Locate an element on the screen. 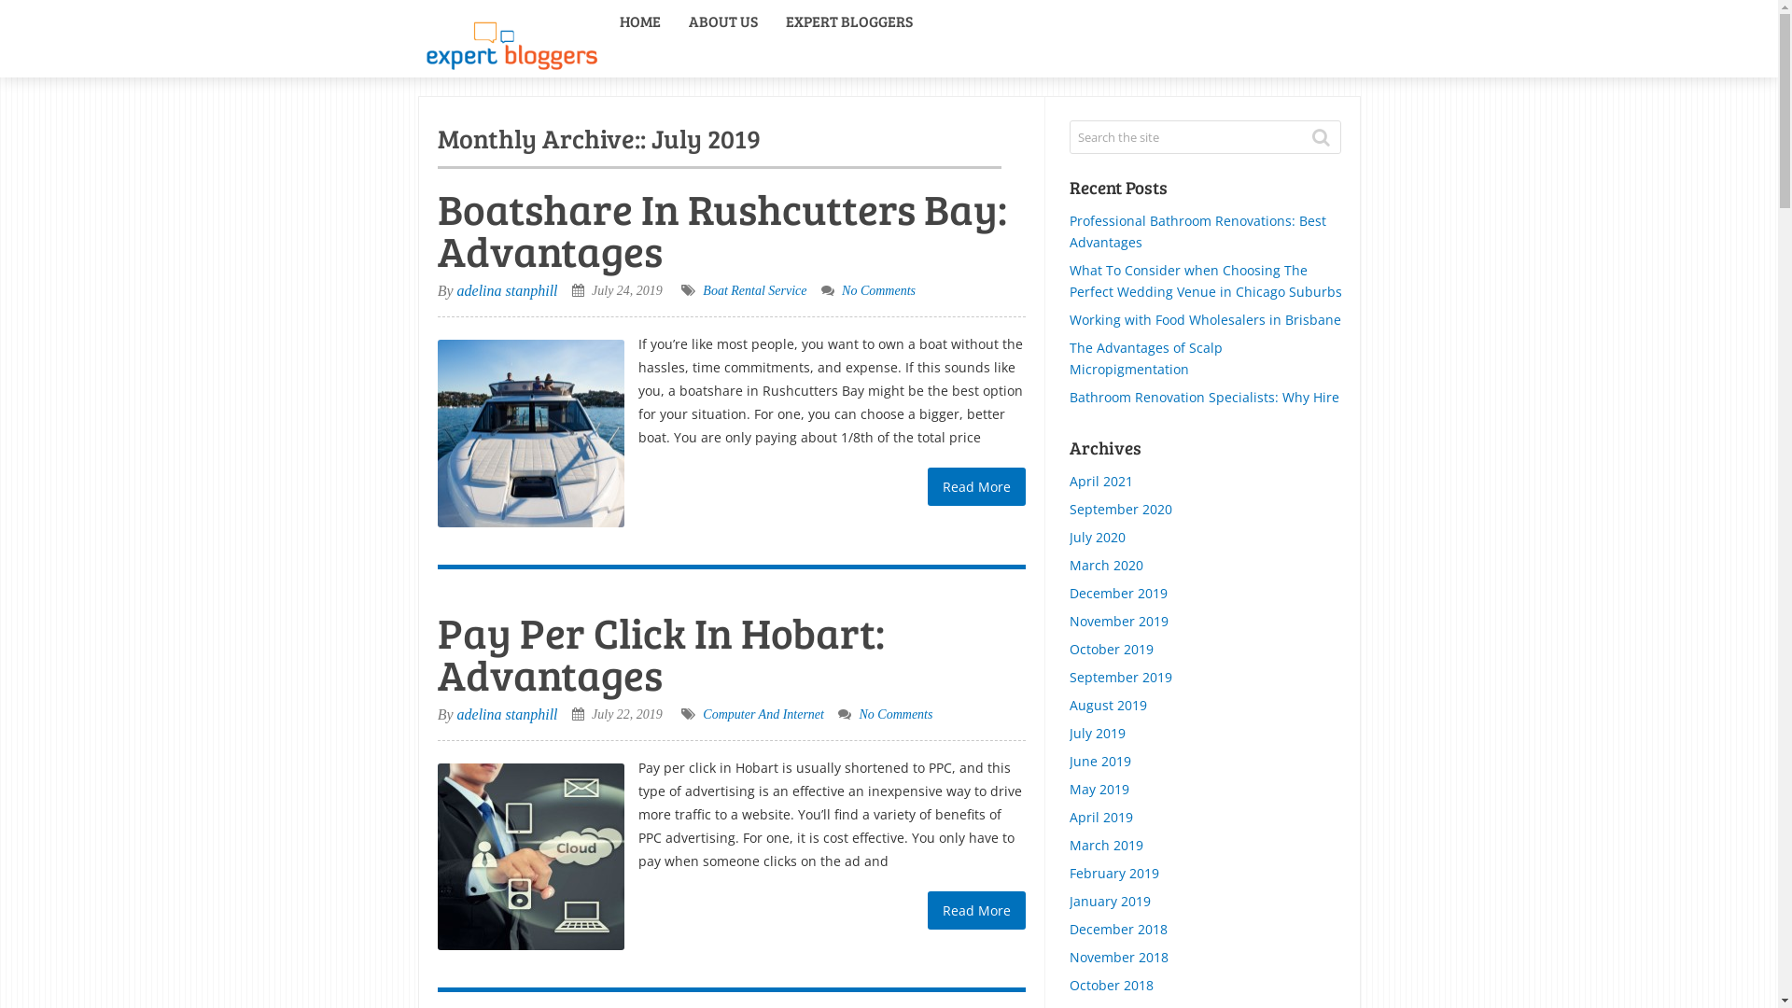 The width and height of the screenshot is (1792, 1008). 'April 2021' is located at coordinates (1101, 480).